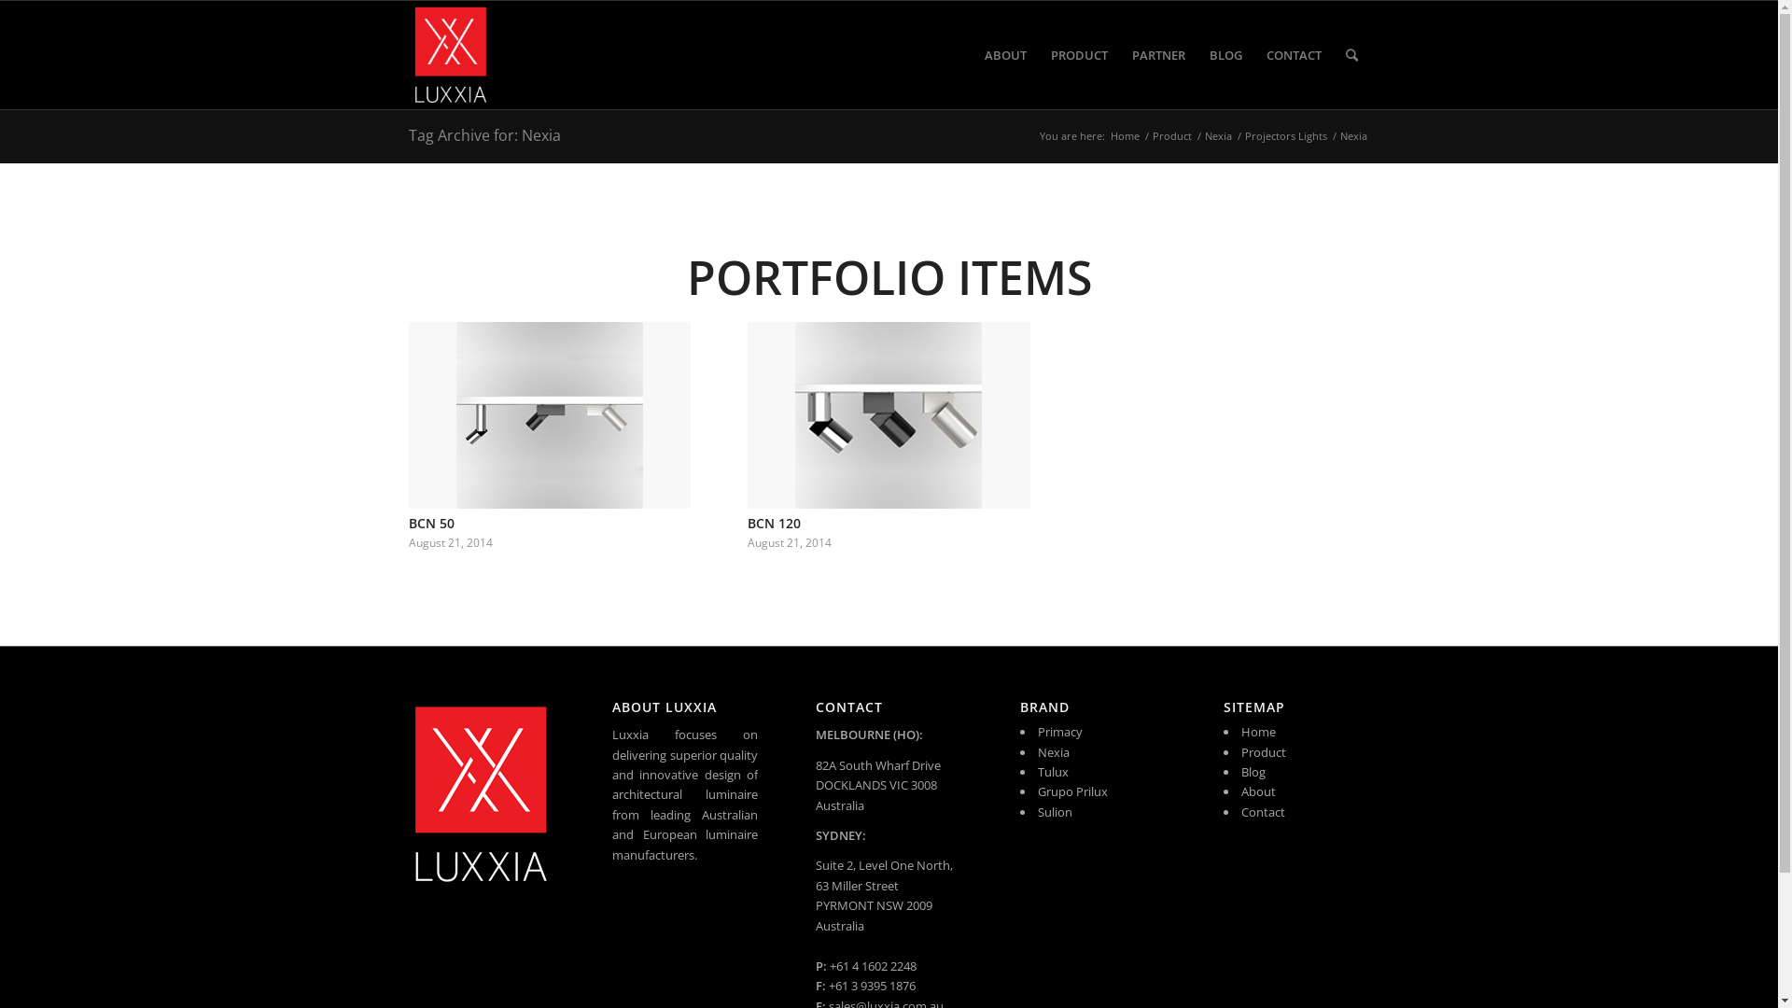 Image resolution: width=1792 pixels, height=1008 pixels. I want to click on 'Tag Archive for: Nexia', so click(407, 134).